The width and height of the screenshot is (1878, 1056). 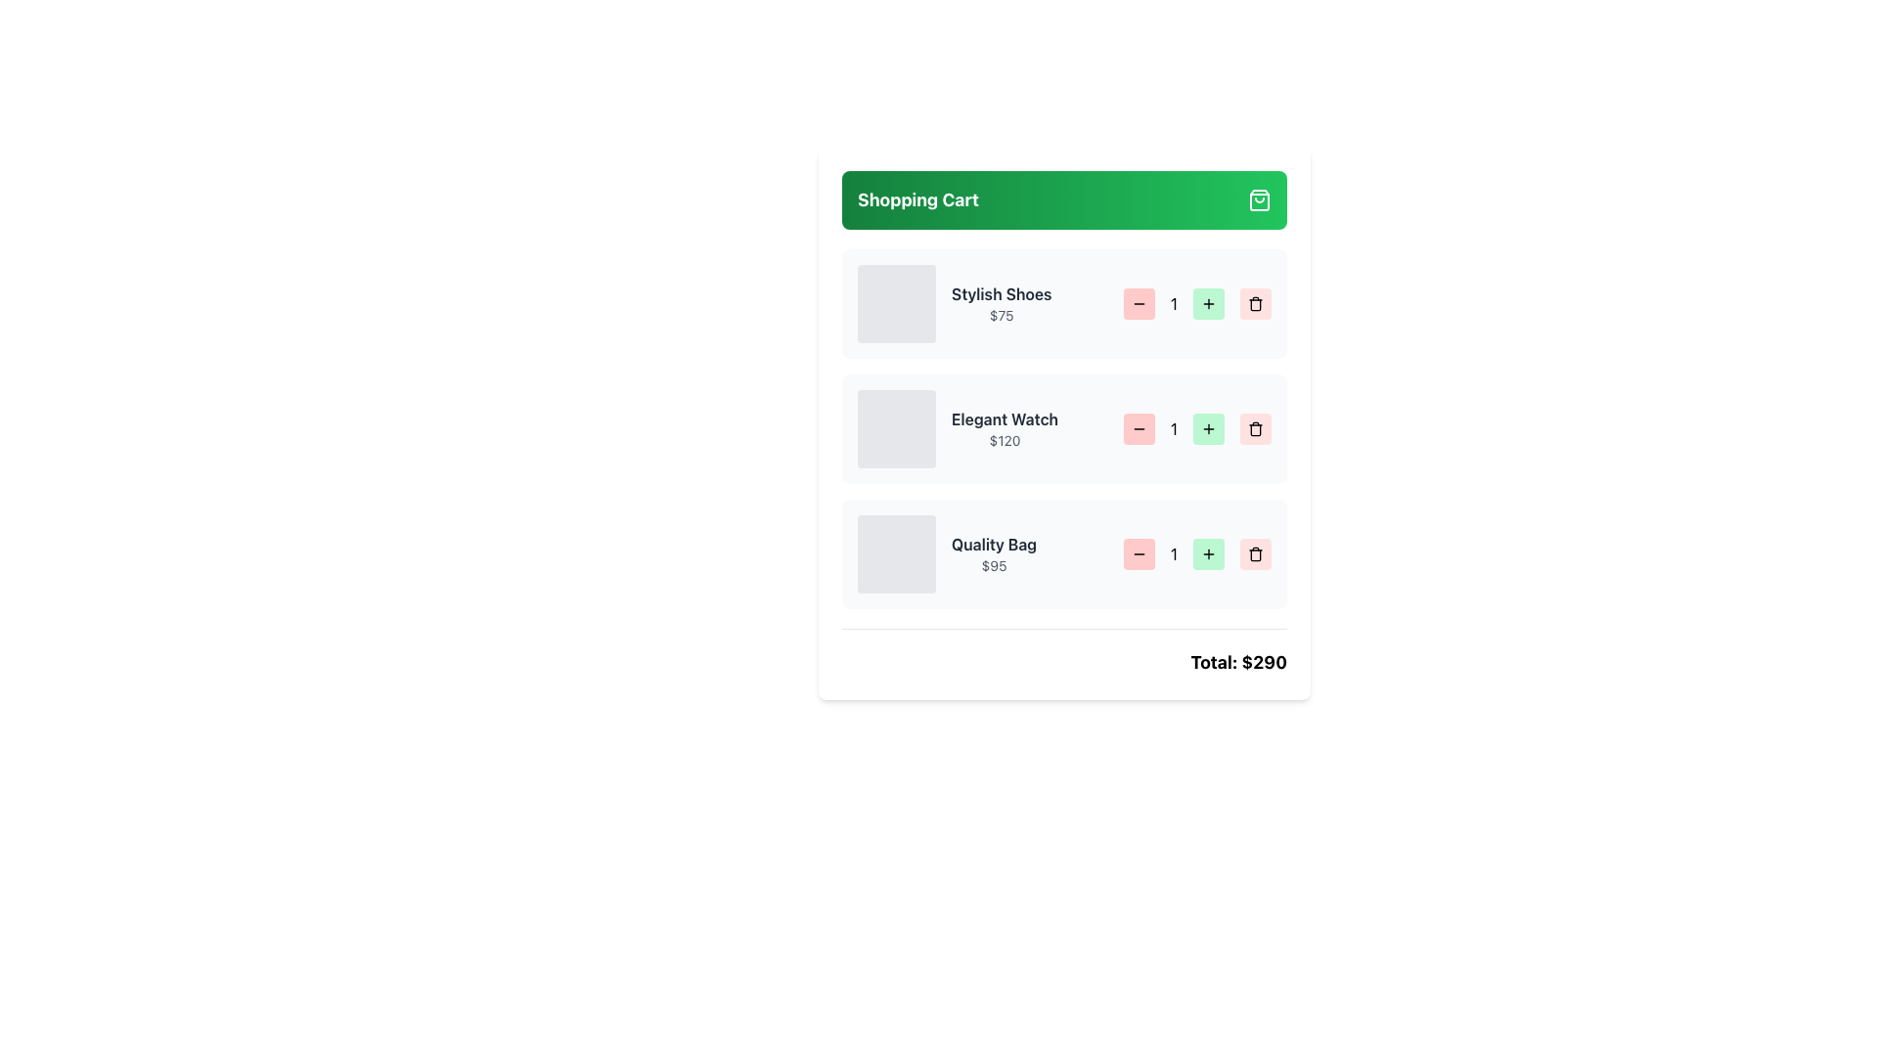 I want to click on the text label displaying the price '$120', located below the 'Elegant Watch' label in the shopping cart item list, so click(x=1005, y=441).